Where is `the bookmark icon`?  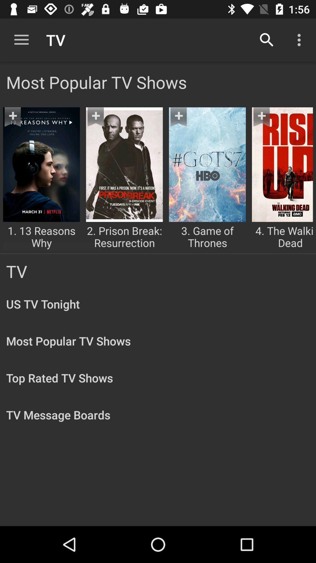 the bookmark icon is located at coordinates (267, 122).